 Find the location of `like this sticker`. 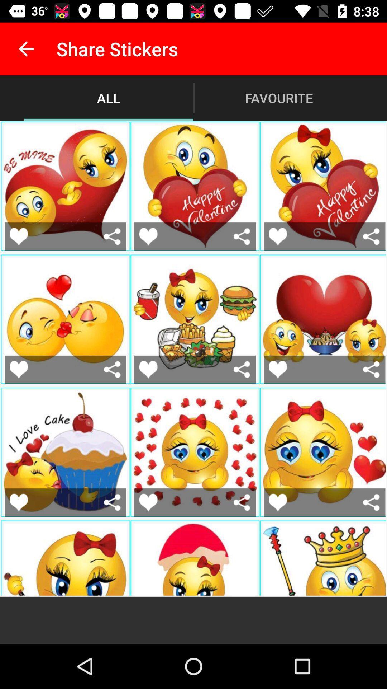

like this sticker is located at coordinates (148, 236).